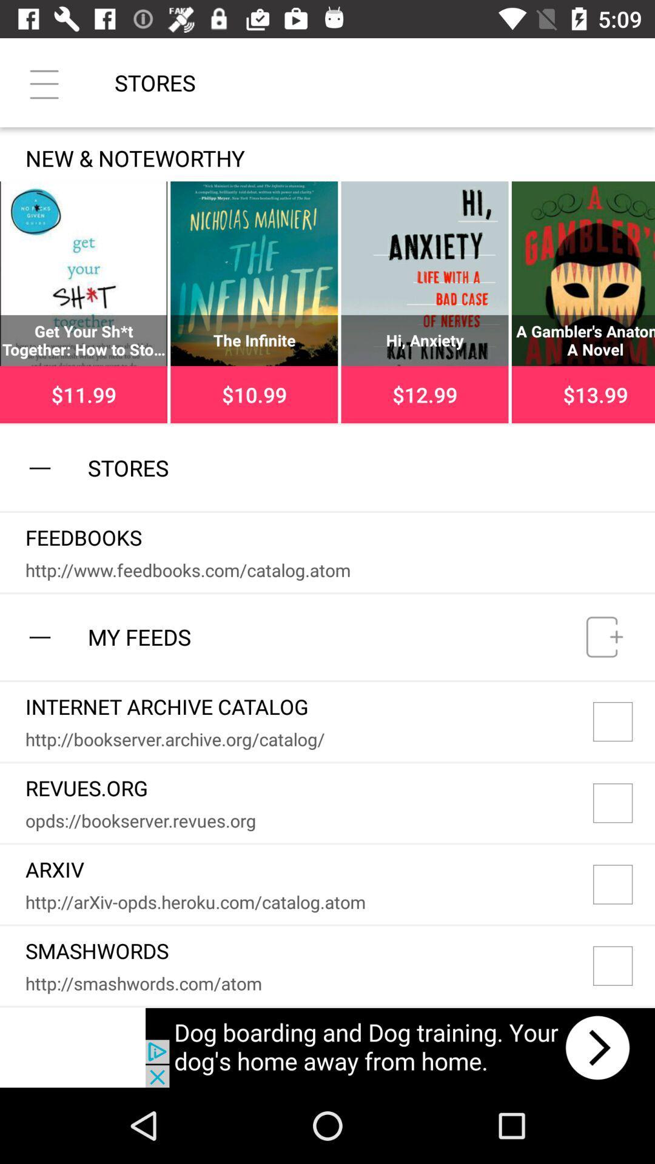 The width and height of the screenshot is (655, 1164). Describe the element at coordinates (624, 721) in the screenshot. I see `site` at that location.